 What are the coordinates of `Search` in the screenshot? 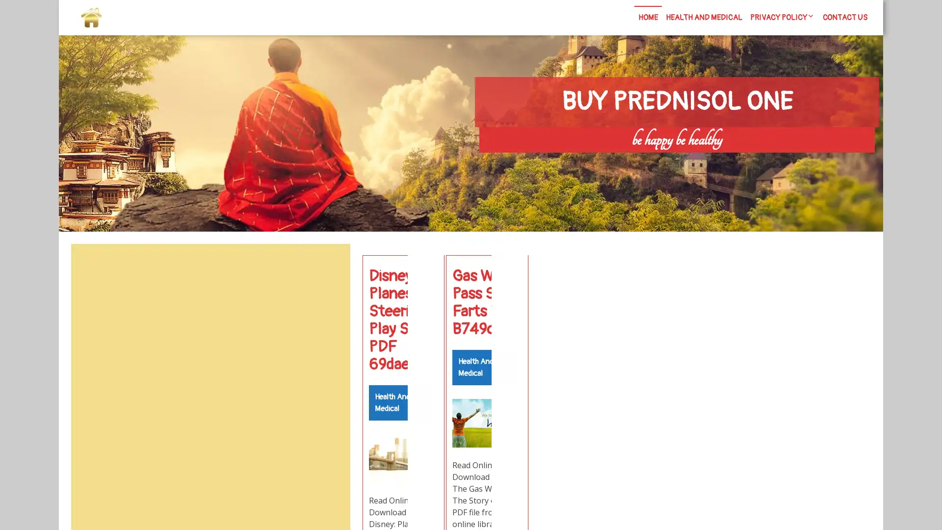 It's located at (764, 160).